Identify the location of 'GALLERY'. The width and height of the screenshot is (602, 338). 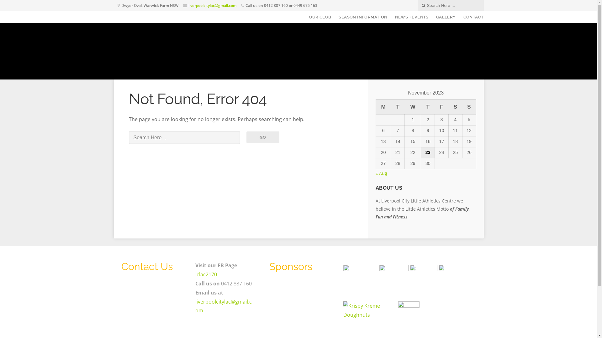
(446, 17).